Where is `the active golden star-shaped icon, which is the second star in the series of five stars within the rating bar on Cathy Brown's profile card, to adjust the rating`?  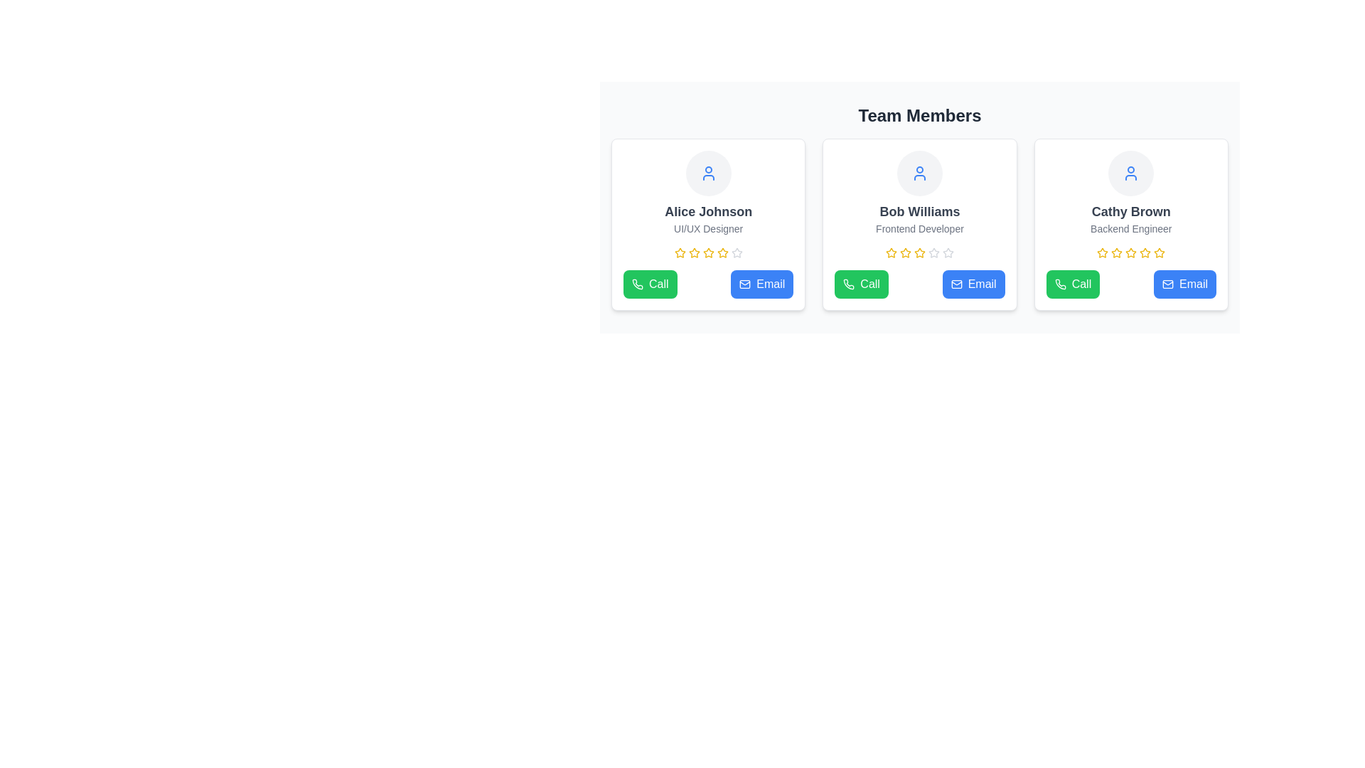
the active golden star-shaped icon, which is the second star in the series of five stars within the rating bar on Cathy Brown's profile card, to adjust the rating is located at coordinates (1145, 252).